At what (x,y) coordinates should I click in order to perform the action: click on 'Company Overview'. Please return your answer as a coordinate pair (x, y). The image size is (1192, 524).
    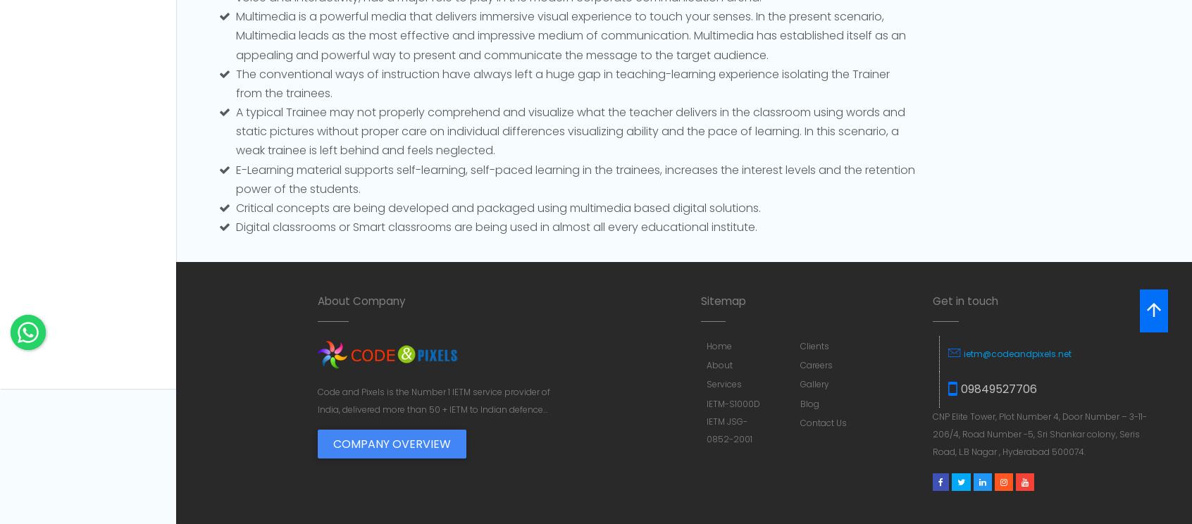
    Looking at the image, I should click on (391, 444).